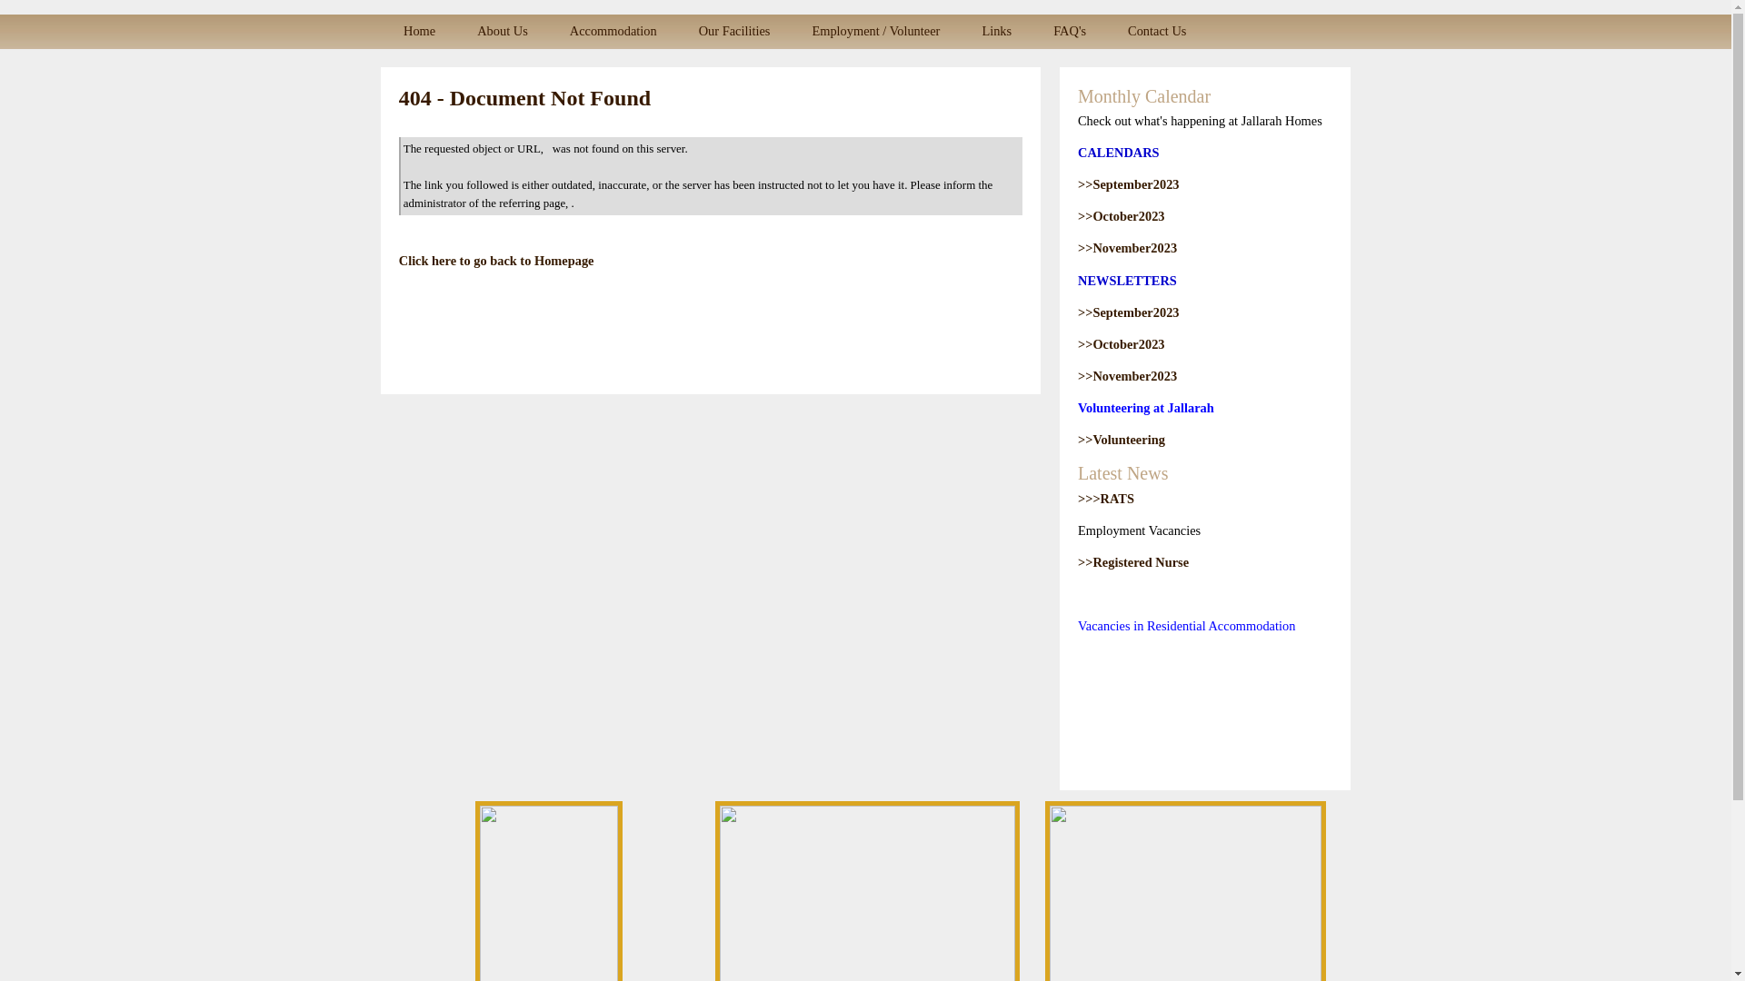 Image resolution: width=1745 pixels, height=981 pixels. What do you see at coordinates (1120, 439) in the screenshot?
I see `'>>Volunteering'` at bounding box center [1120, 439].